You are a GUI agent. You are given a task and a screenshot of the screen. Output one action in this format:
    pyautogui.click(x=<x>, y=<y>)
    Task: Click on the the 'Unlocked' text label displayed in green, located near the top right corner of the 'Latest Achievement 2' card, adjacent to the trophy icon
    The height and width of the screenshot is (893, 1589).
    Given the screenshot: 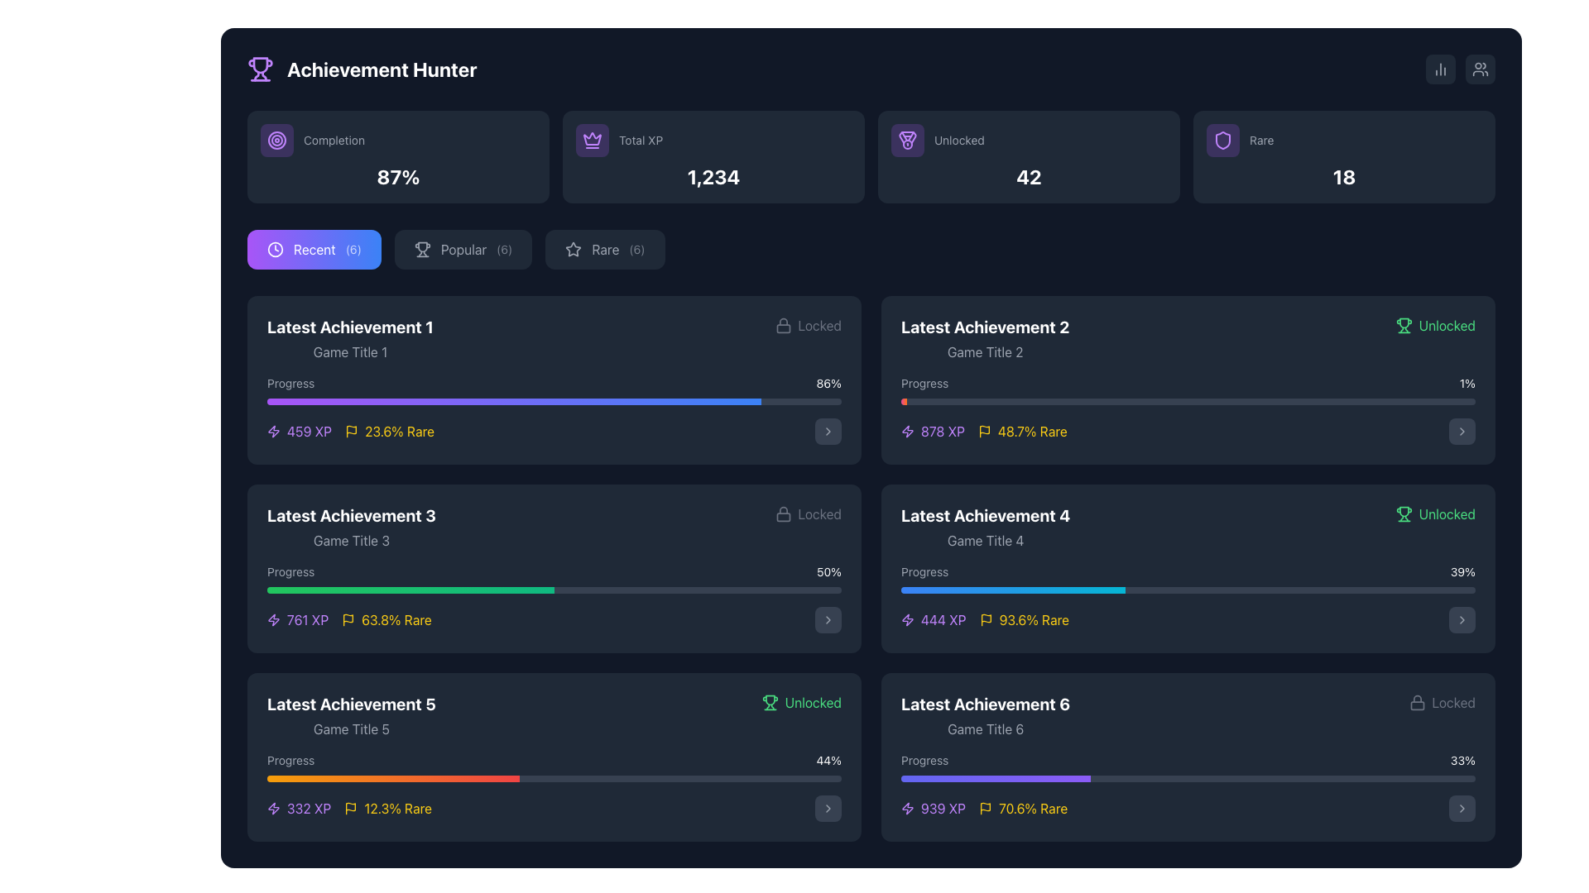 What is the action you would take?
    pyautogui.click(x=1446, y=325)
    